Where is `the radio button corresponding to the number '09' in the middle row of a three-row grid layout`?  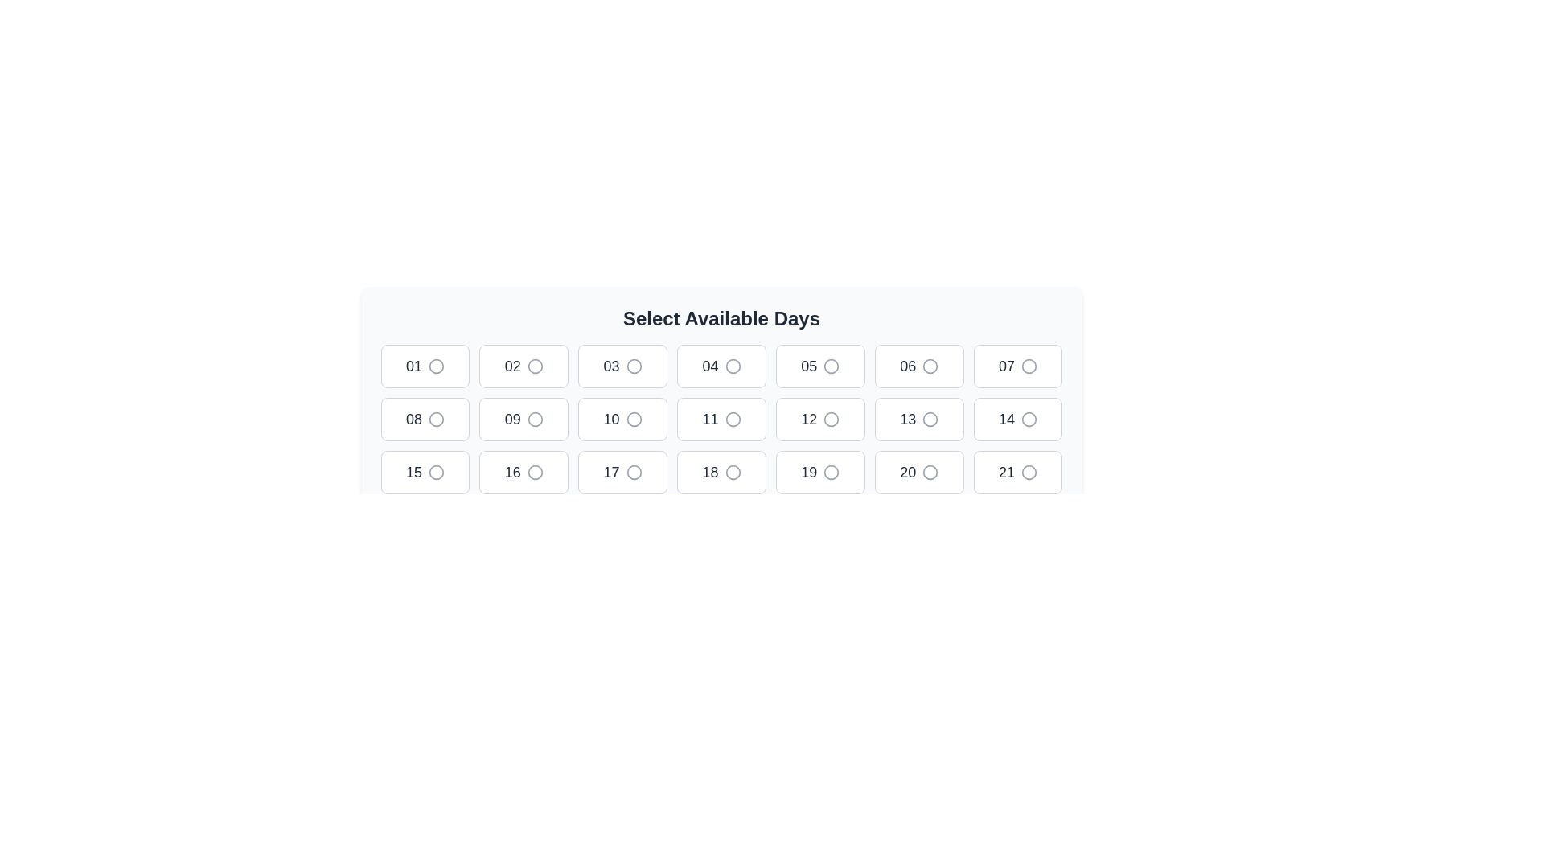 the radio button corresponding to the number '09' in the middle row of a three-row grid layout is located at coordinates (535, 418).